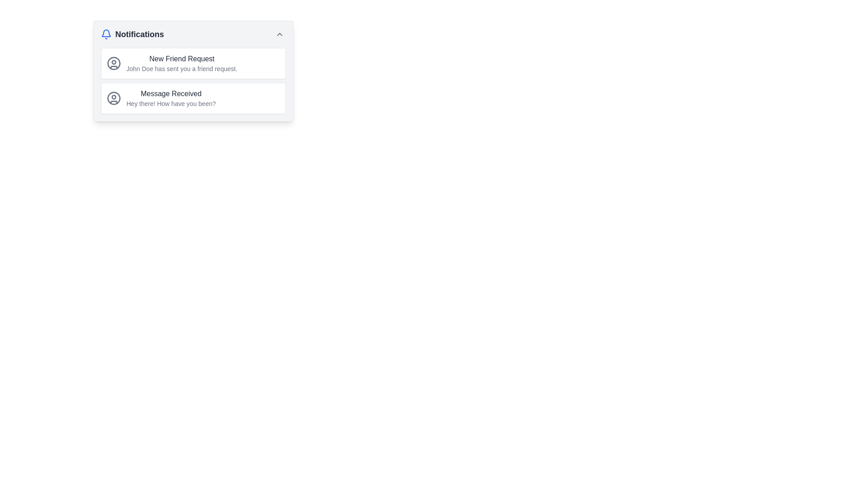 The image size is (858, 483). Describe the element at coordinates (113, 98) in the screenshot. I see `the outermost circle of the user icon with a gray border located in the notification section next to 'New Friend Request'` at that location.